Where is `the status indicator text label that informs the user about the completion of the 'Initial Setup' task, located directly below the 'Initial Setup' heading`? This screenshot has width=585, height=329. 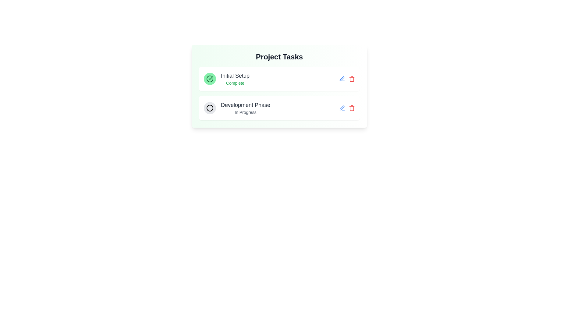 the status indicator text label that informs the user about the completion of the 'Initial Setup' task, located directly below the 'Initial Setup' heading is located at coordinates (235, 83).